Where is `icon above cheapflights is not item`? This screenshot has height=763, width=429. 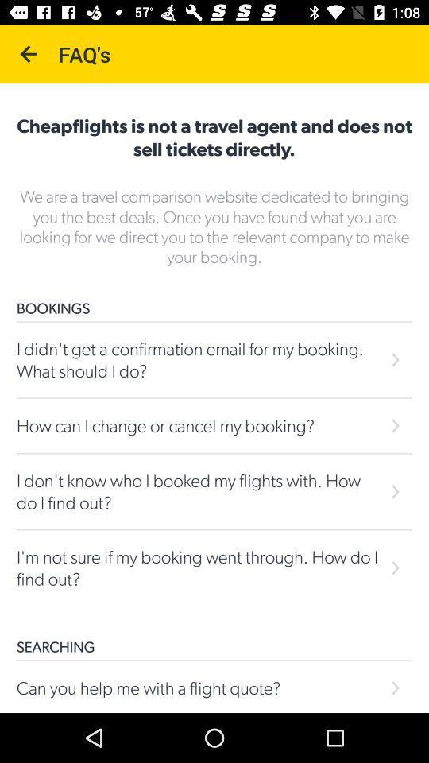 icon above cheapflights is not item is located at coordinates (29, 54).